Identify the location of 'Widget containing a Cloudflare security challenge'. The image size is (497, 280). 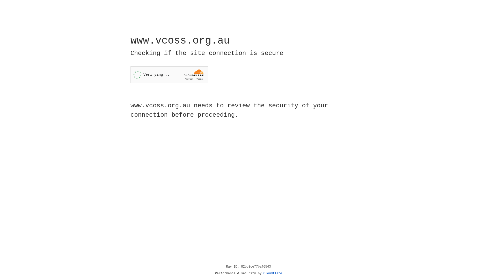
(169, 75).